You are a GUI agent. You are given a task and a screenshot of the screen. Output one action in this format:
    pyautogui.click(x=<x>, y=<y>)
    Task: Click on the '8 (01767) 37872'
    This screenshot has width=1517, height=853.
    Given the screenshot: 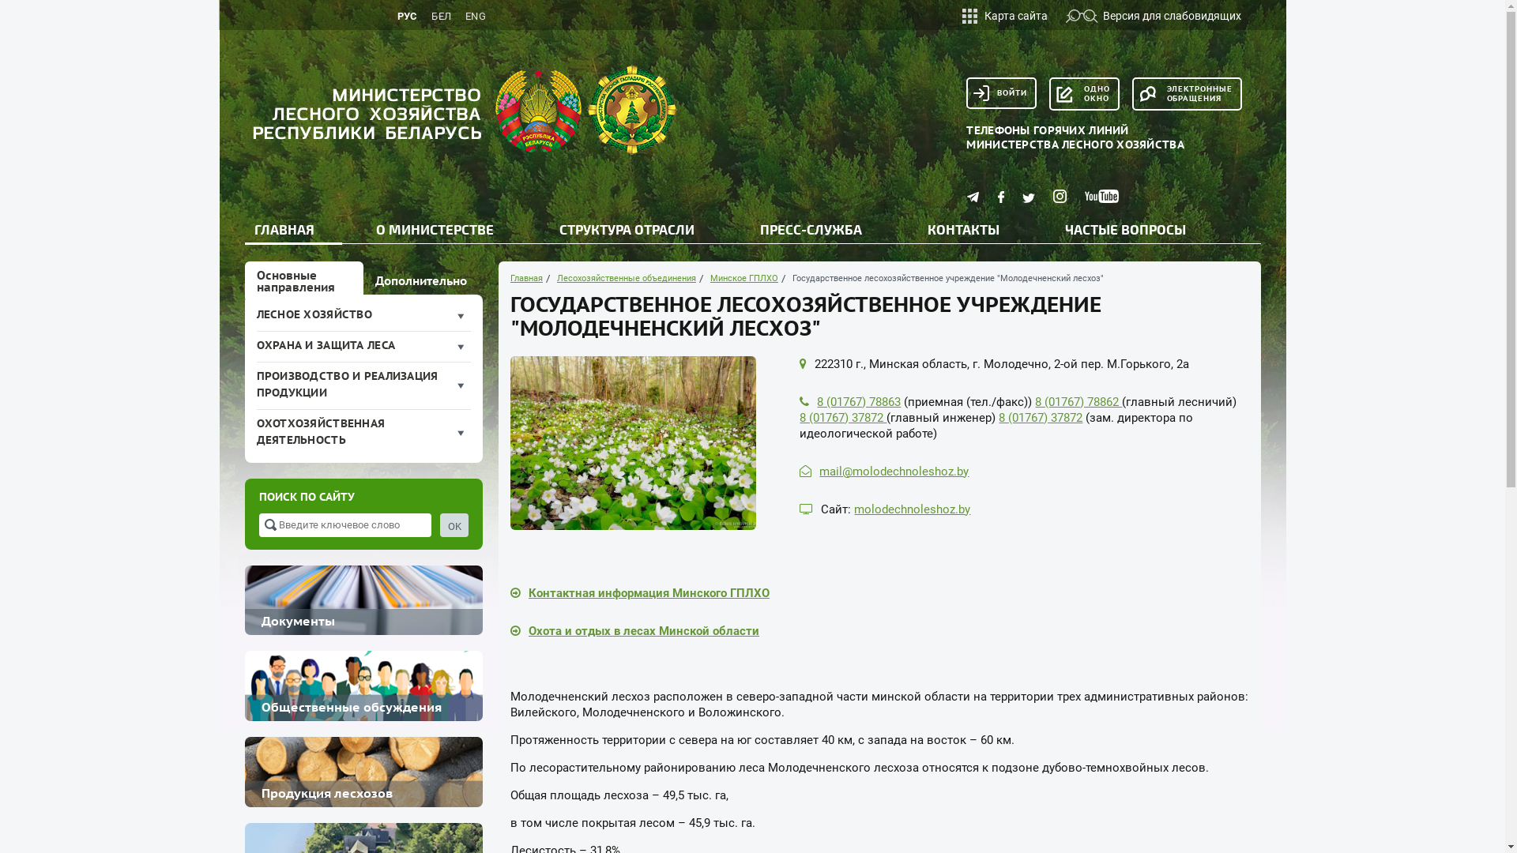 What is the action you would take?
    pyautogui.click(x=800, y=416)
    